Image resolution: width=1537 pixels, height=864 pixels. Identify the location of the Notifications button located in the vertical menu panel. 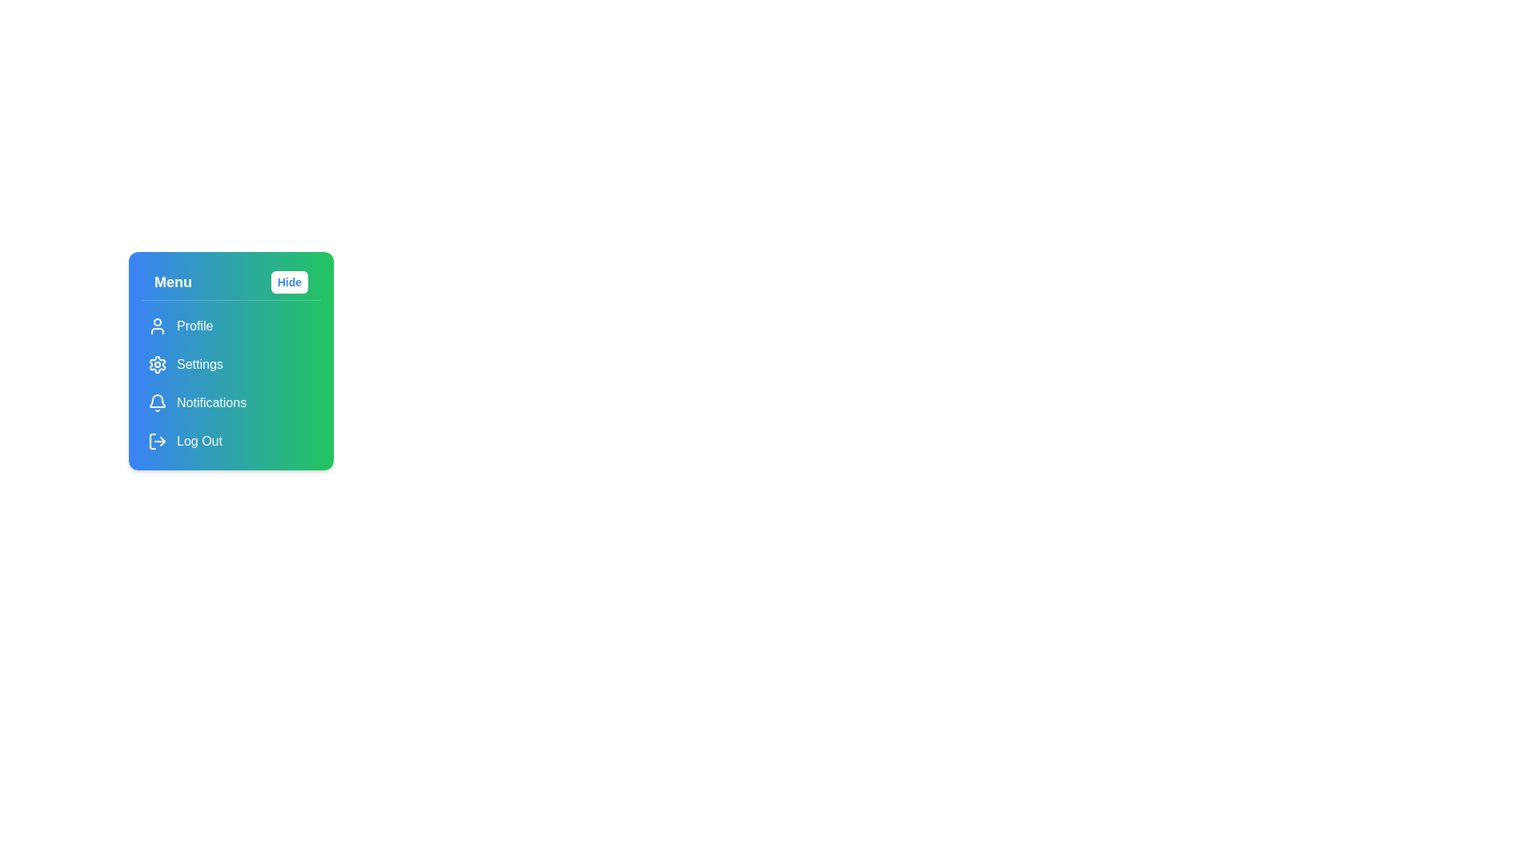
(230, 402).